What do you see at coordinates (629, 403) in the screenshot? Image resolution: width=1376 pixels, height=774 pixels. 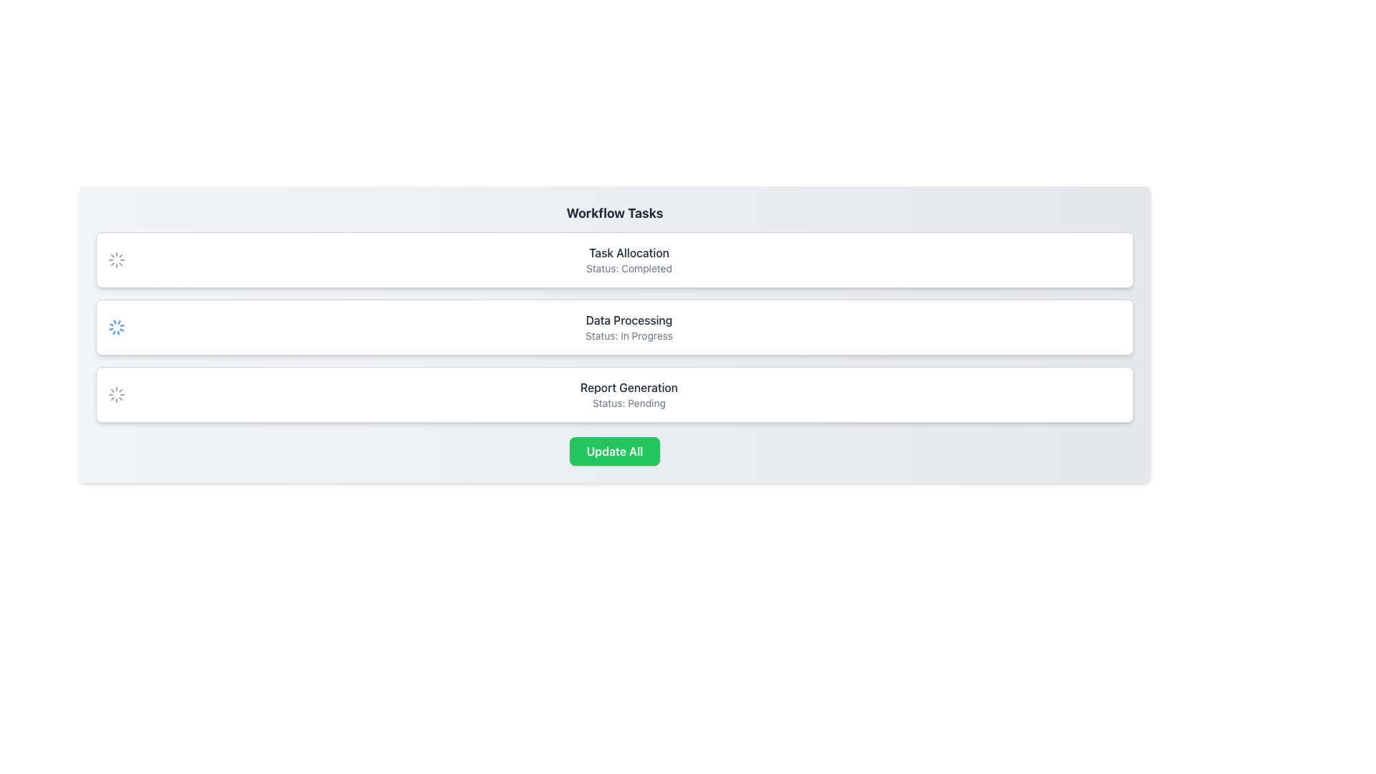 I see `status information displayed by the Text Label that indicates the current progress of the 'Report Generation' task, which is located within its respective card, directly below the title` at bounding box center [629, 403].